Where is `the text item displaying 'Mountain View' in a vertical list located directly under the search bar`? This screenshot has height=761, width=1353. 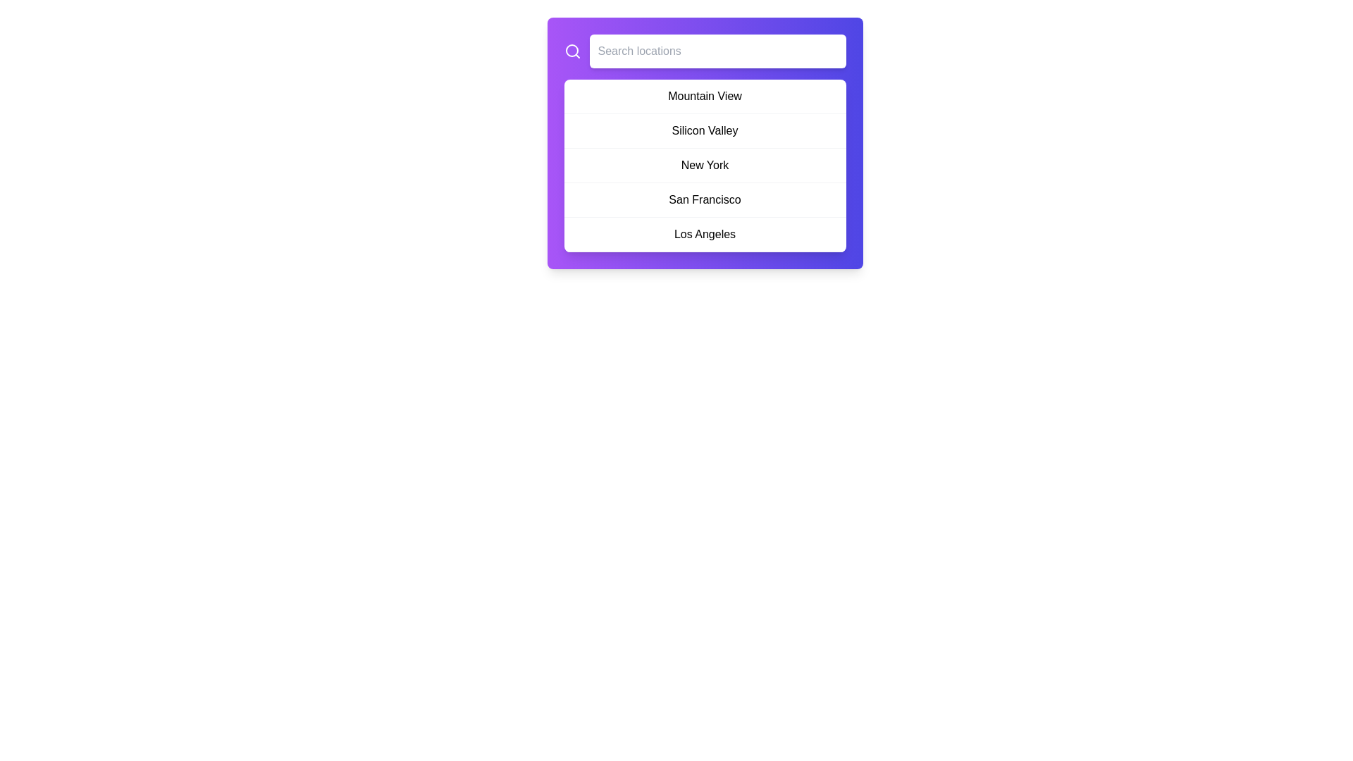 the text item displaying 'Mountain View' in a vertical list located directly under the search bar is located at coordinates (705, 96).